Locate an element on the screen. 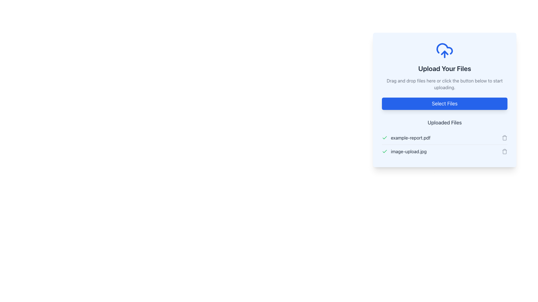 This screenshot has width=538, height=302. the File item displaying the filename 'image-upload.jpg' with a green checkmark is located at coordinates (404, 152).